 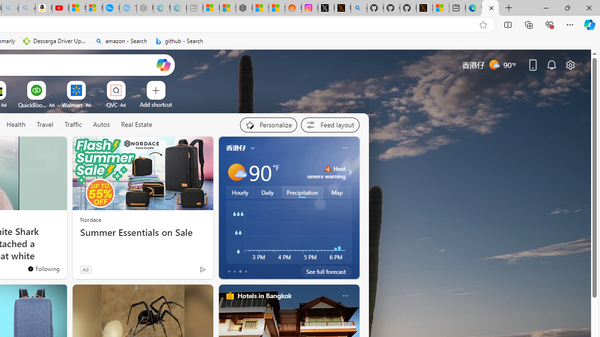 I want to click on 'See full forecast', so click(x=326, y=271).